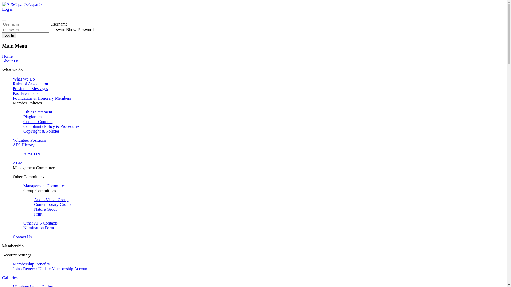  Describe the element at coordinates (25, 93) in the screenshot. I see `'Past Presidents'` at that location.